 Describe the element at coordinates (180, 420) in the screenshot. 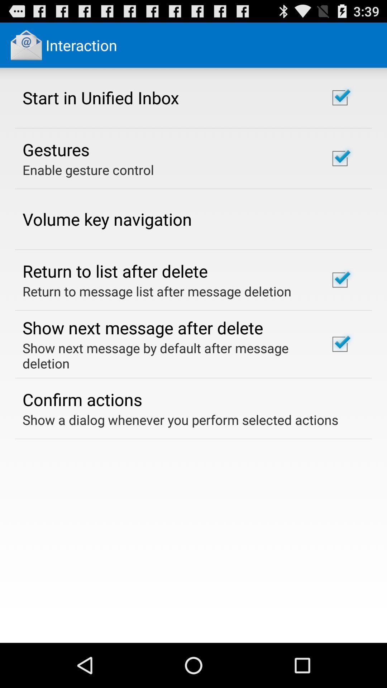

I see `show a dialog item` at that location.